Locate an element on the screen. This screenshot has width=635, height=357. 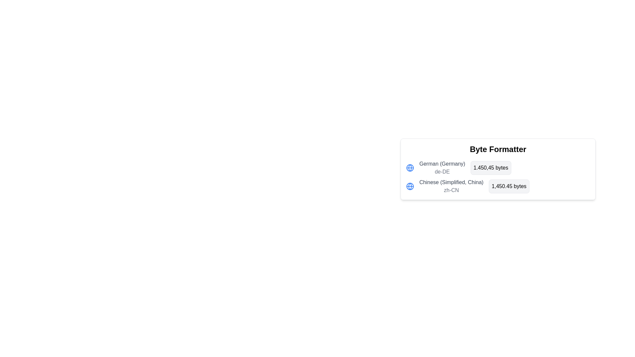
the static text label displaying 'zh-CN', which is styled in light gray and positioned below its sibling element in a vertical list indicating localization is located at coordinates (451, 190).